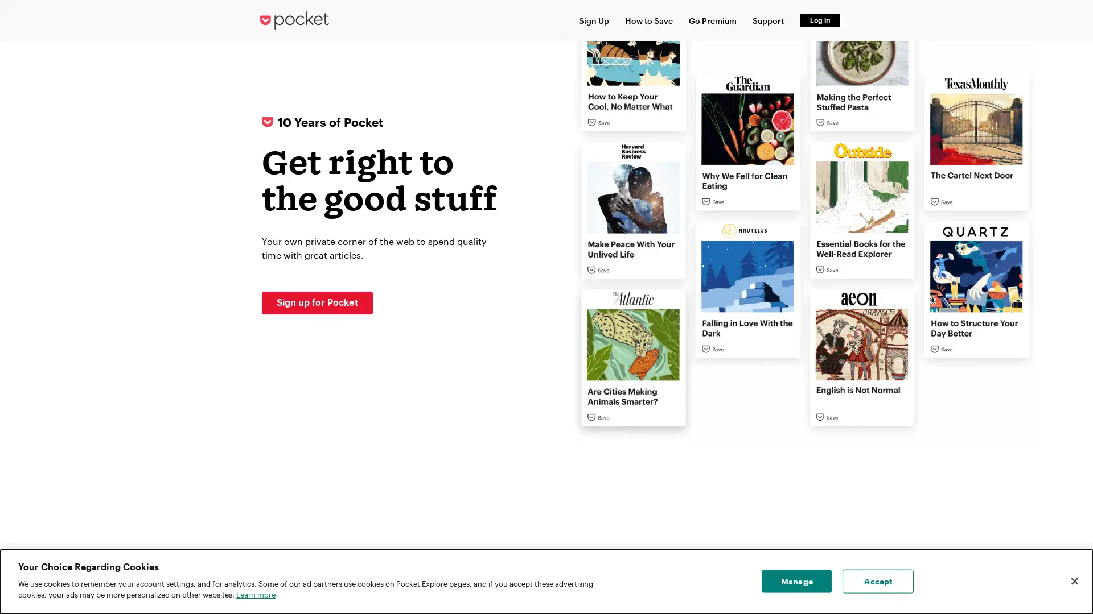 This screenshot has height=614, width=1093. I want to click on Manage, so click(796, 581).